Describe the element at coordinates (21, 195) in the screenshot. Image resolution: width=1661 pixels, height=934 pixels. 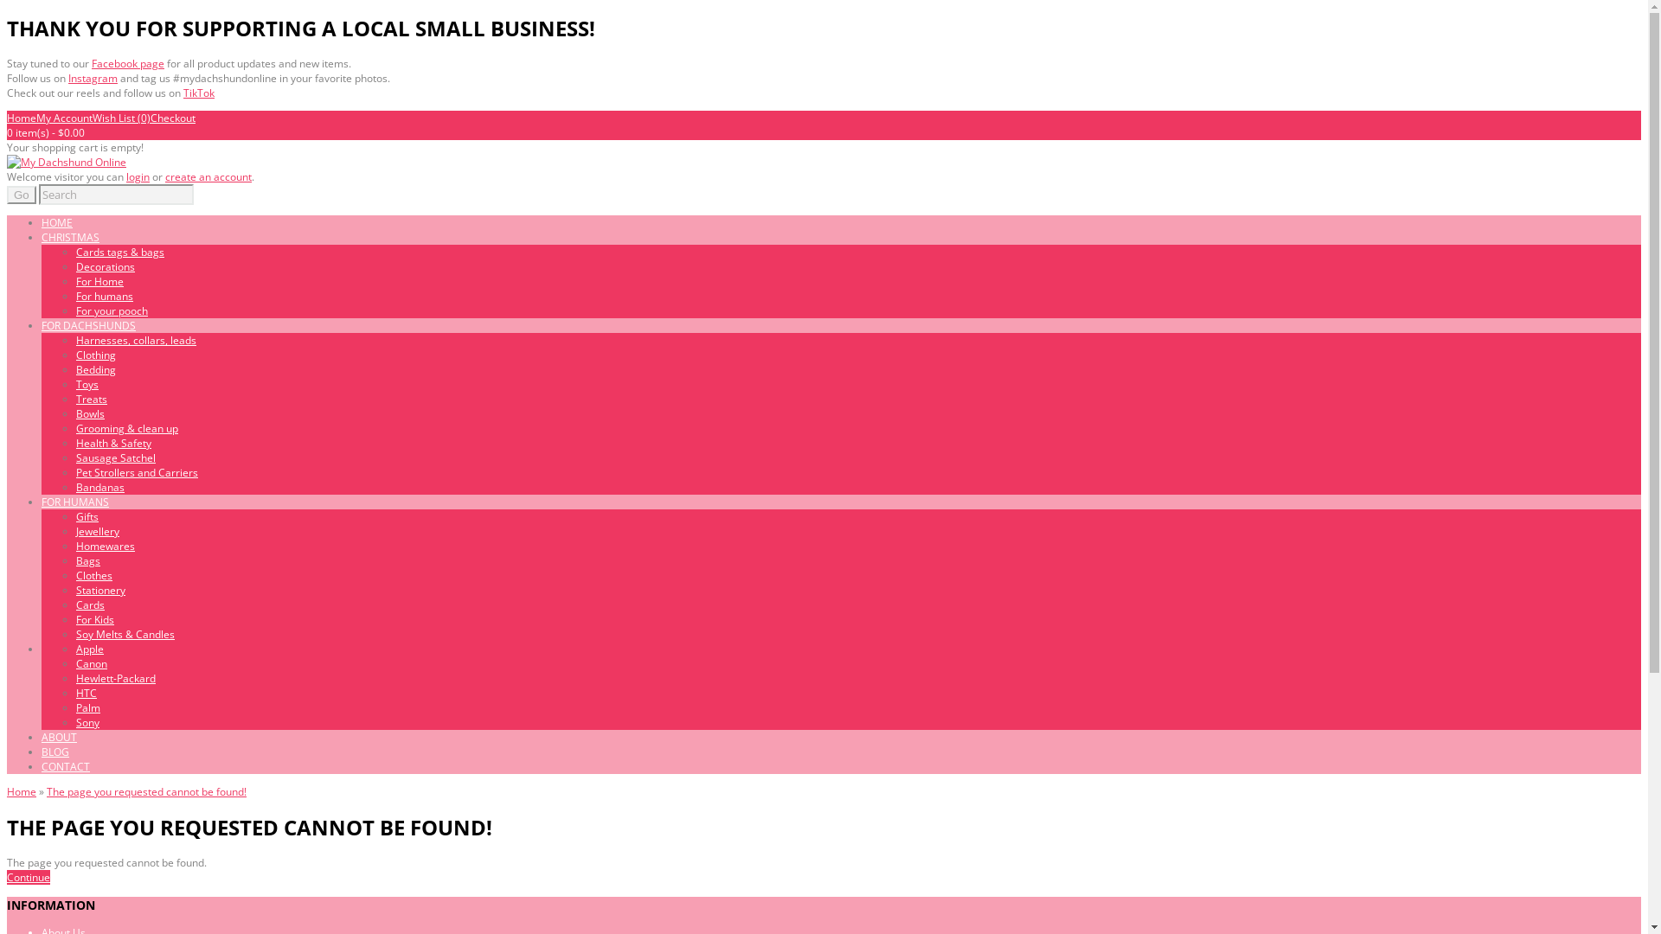
I see `'Go'` at that location.